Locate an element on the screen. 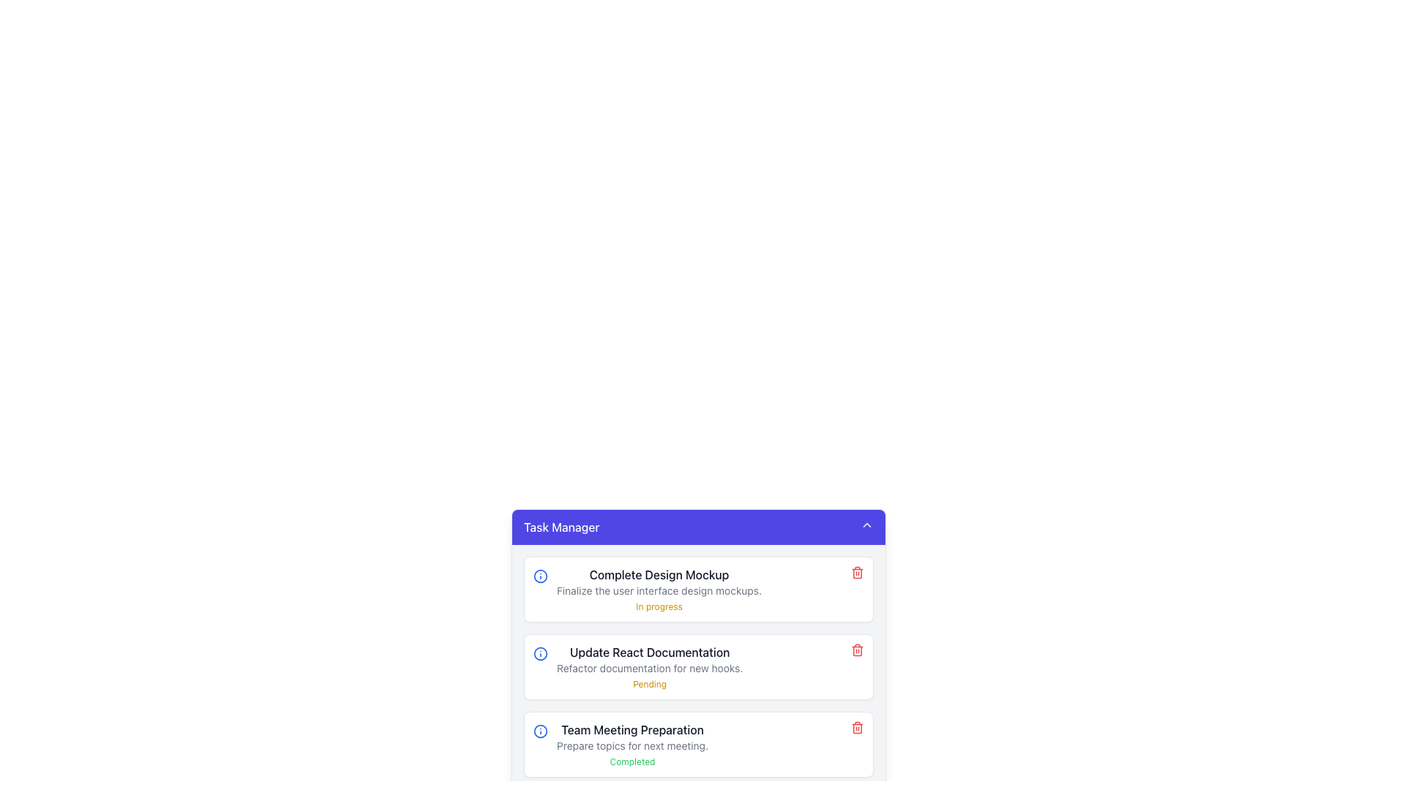 The image size is (1405, 790). text providing additional details about the task titled 'Complete Design Mockup', which is located centrally within the task card, below the bold title and above the status text 'In progress' is located at coordinates (659, 590).